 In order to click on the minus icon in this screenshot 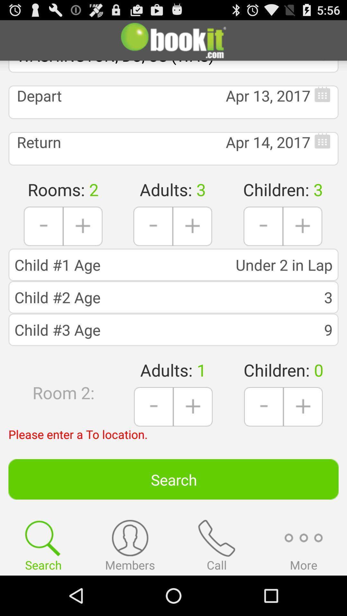, I will do `click(263, 435)`.